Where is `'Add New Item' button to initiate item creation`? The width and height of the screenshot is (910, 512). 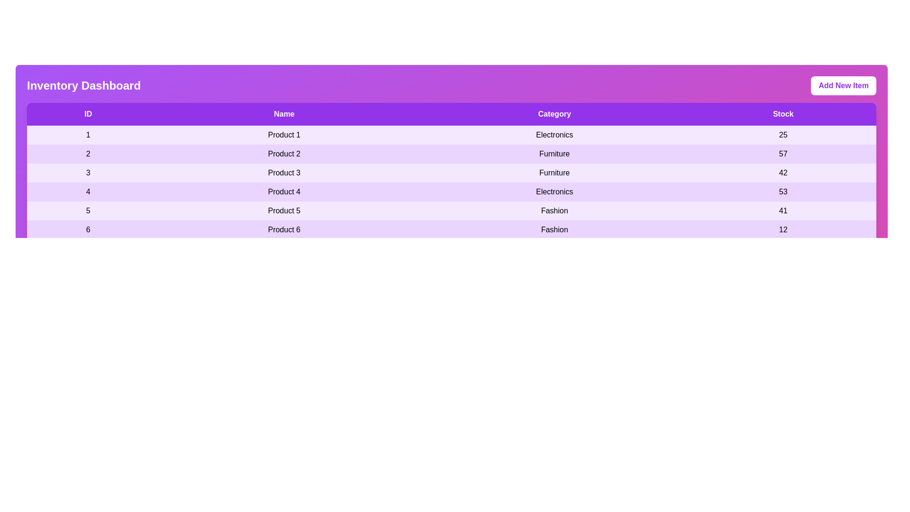
'Add New Item' button to initiate item creation is located at coordinates (844, 86).